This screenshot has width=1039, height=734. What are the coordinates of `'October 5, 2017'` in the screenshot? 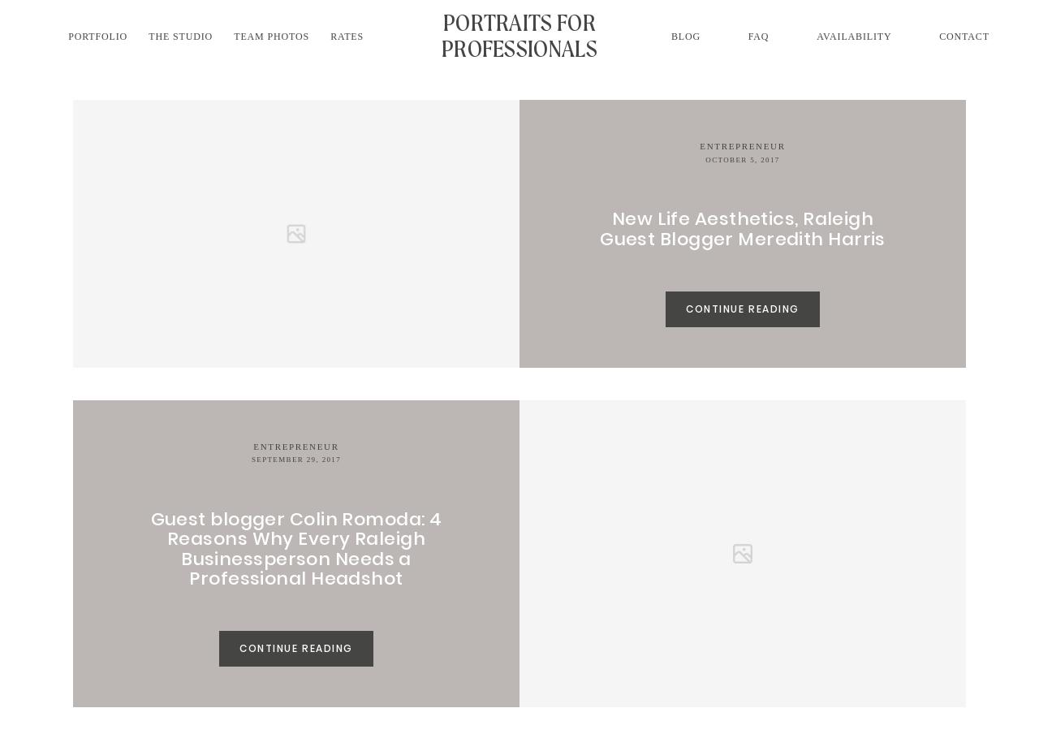 It's located at (741, 158).